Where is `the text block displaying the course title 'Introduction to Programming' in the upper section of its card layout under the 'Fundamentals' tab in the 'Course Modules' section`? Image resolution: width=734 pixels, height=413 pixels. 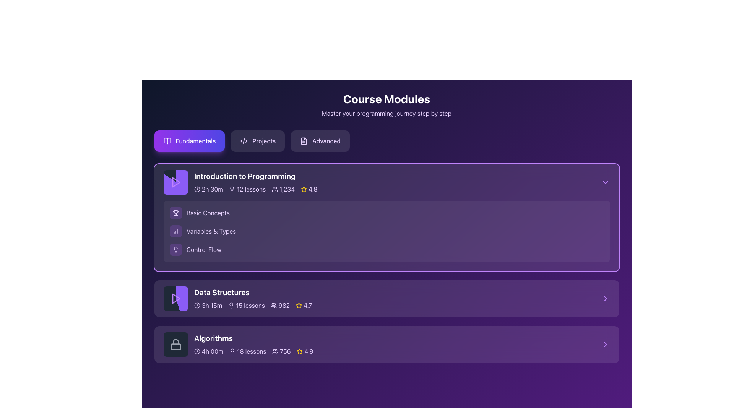
the text block displaying the course title 'Introduction to Programming' in the upper section of its card layout under the 'Fundamentals' tab in the 'Course Modules' section is located at coordinates (255, 182).